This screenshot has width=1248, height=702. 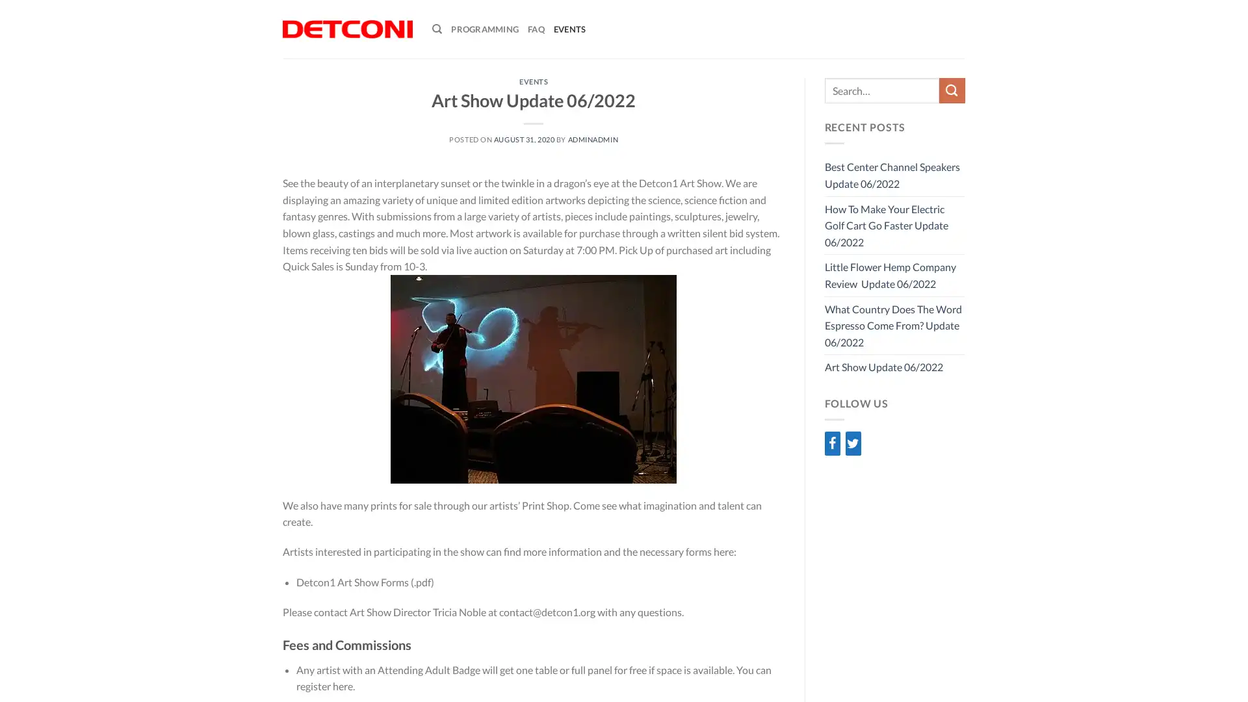 I want to click on Submit, so click(x=952, y=90).